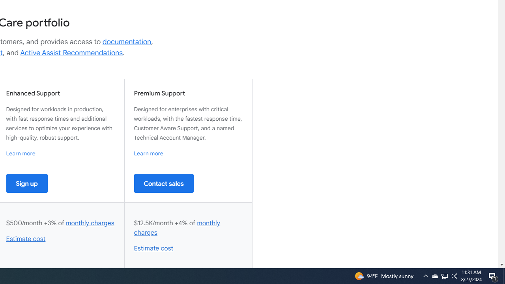  I want to click on 'Sign up', so click(27, 183).